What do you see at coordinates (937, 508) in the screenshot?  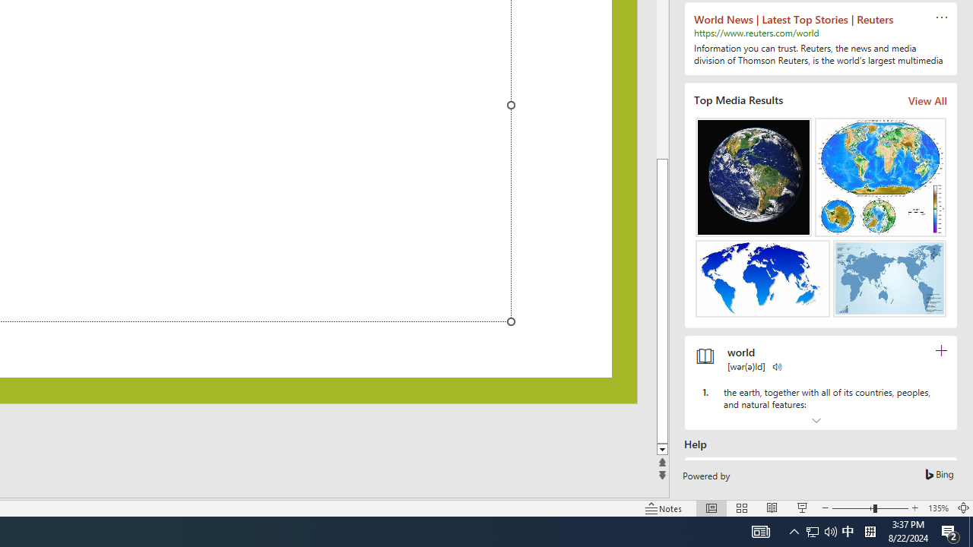 I see `'Zoom 135%'` at bounding box center [937, 508].